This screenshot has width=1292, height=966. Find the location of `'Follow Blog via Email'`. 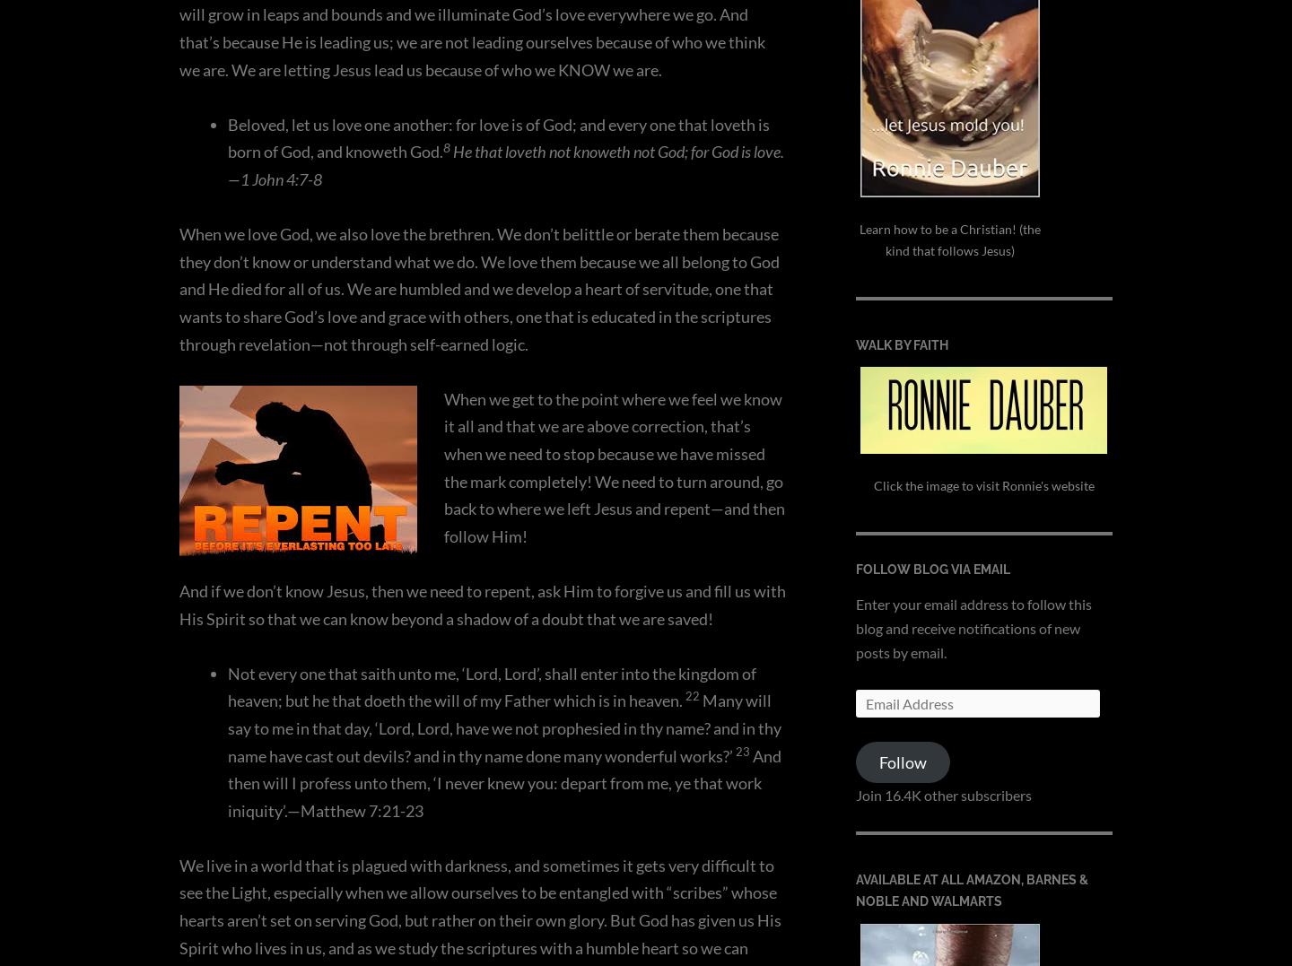

'Follow Blog via Email' is located at coordinates (932, 569).